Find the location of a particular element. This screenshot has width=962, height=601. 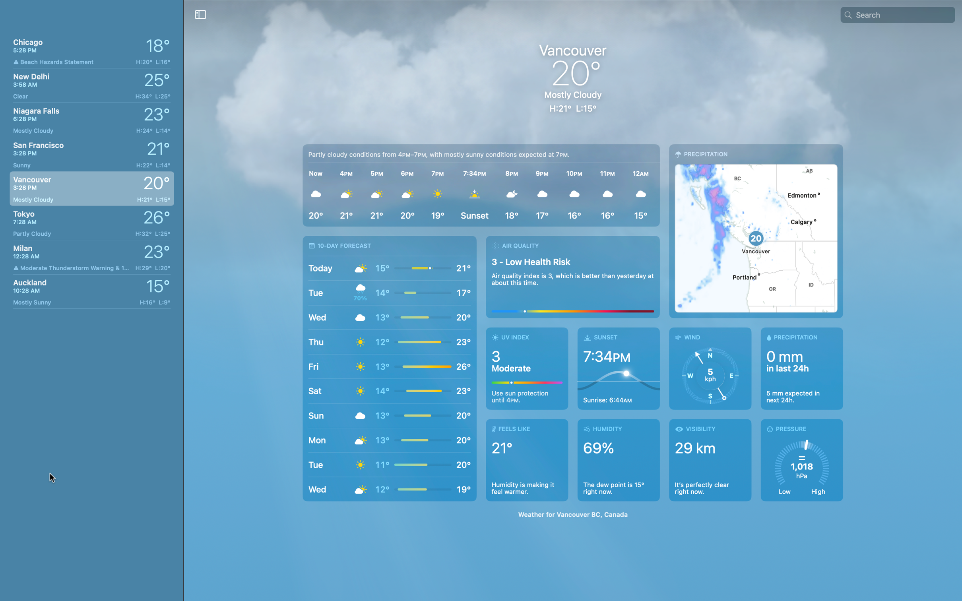

Hide the list of cities on the left panel is located at coordinates (200, 14).